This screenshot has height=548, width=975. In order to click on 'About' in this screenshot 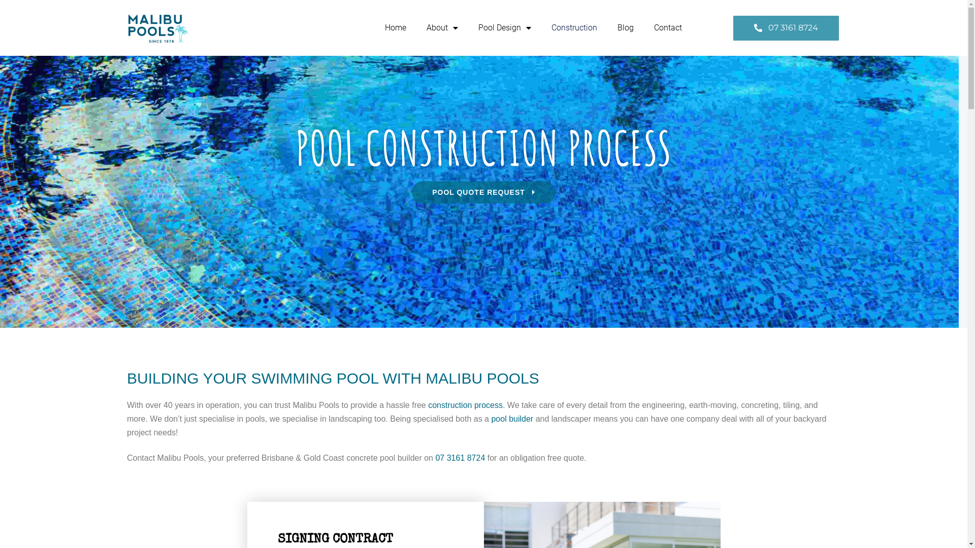, I will do `click(442, 27)`.